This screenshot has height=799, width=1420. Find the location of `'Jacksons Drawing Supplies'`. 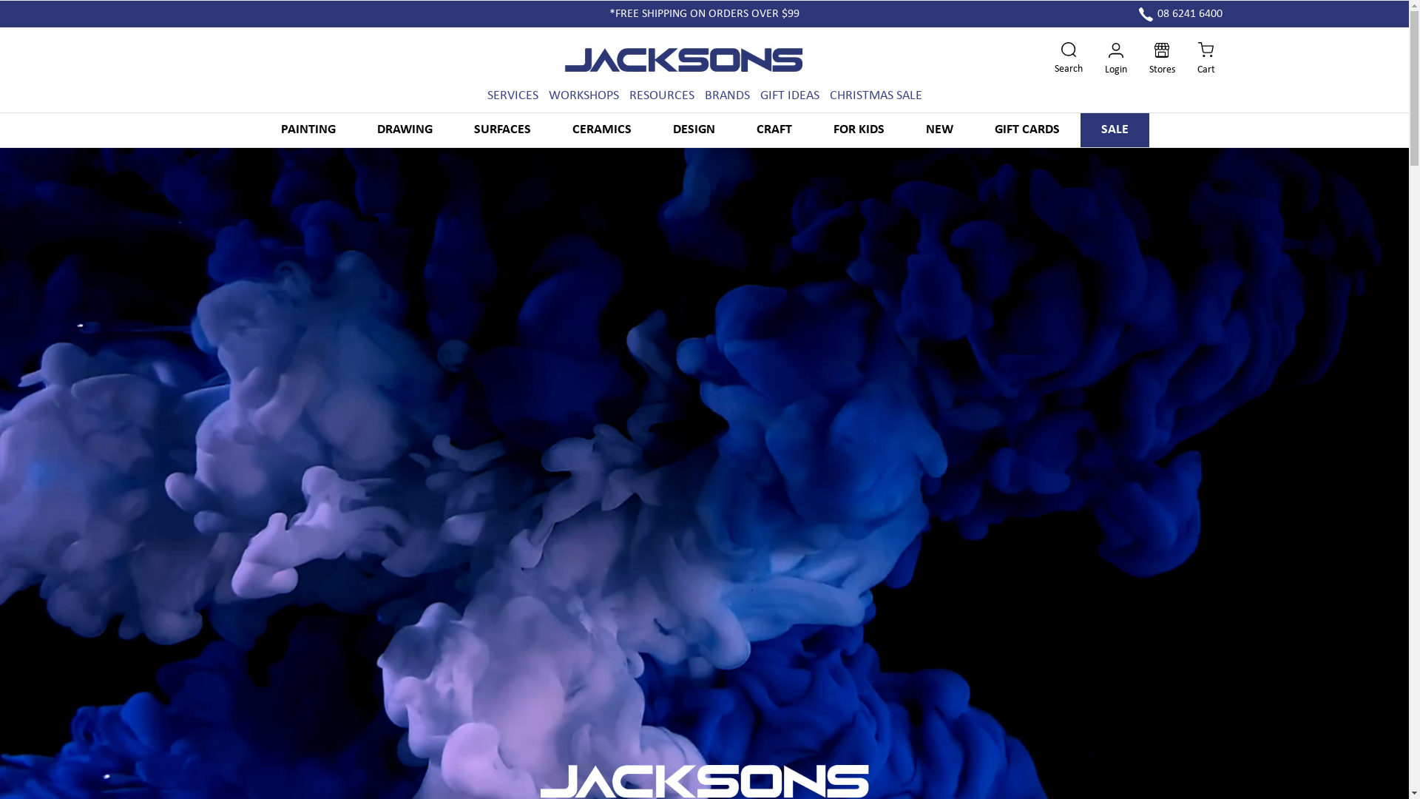

'Jacksons Drawing Supplies' is located at coordinates (686, 59).